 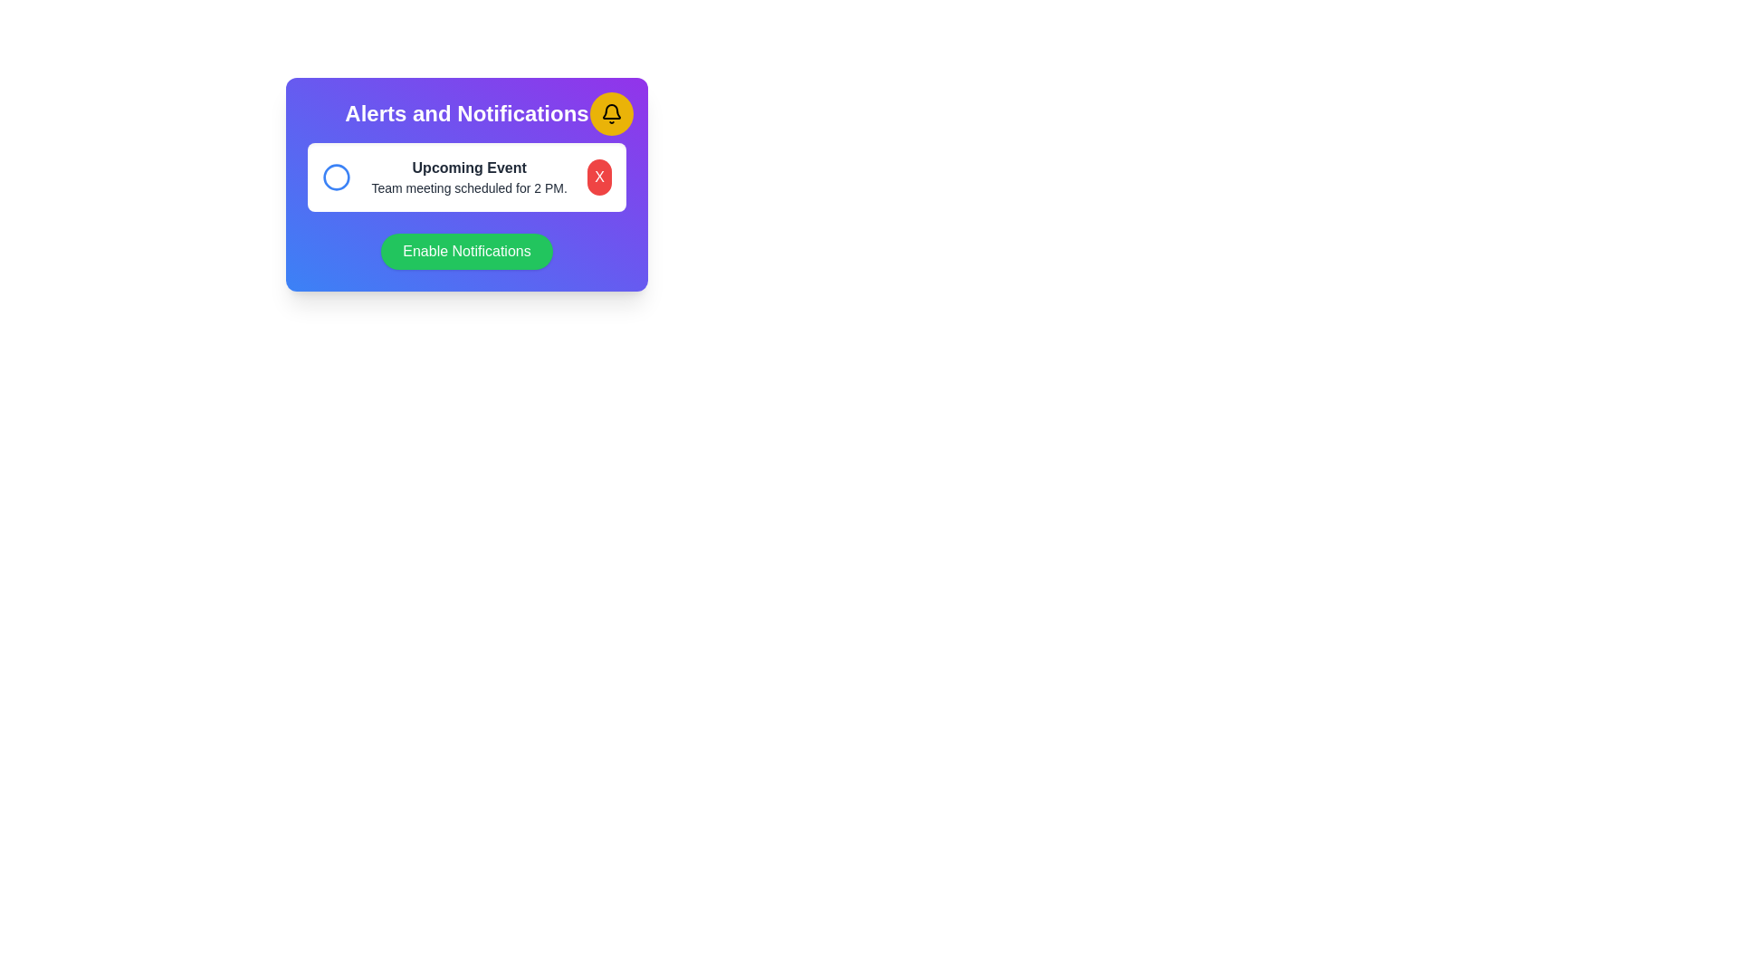 I want to click on the bell icon with a yellow circular background located at the top right side of the card labeled 'Alerts and Notifications', so click(x=612, y=111).